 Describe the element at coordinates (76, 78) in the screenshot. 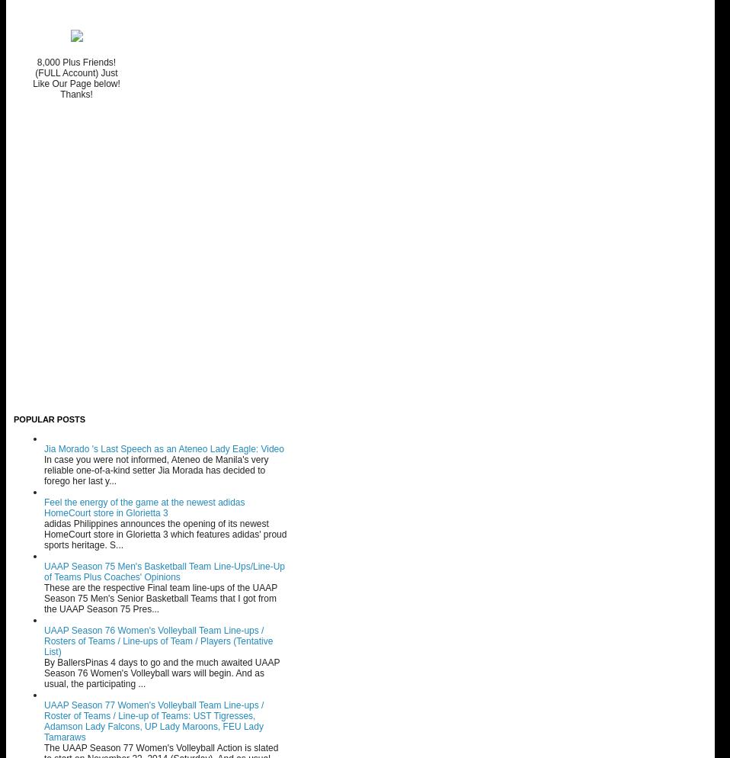

I see `'8,000 Plus Friends!(FULL Account) Just Like Our Page below! Thanks!'` at that location.